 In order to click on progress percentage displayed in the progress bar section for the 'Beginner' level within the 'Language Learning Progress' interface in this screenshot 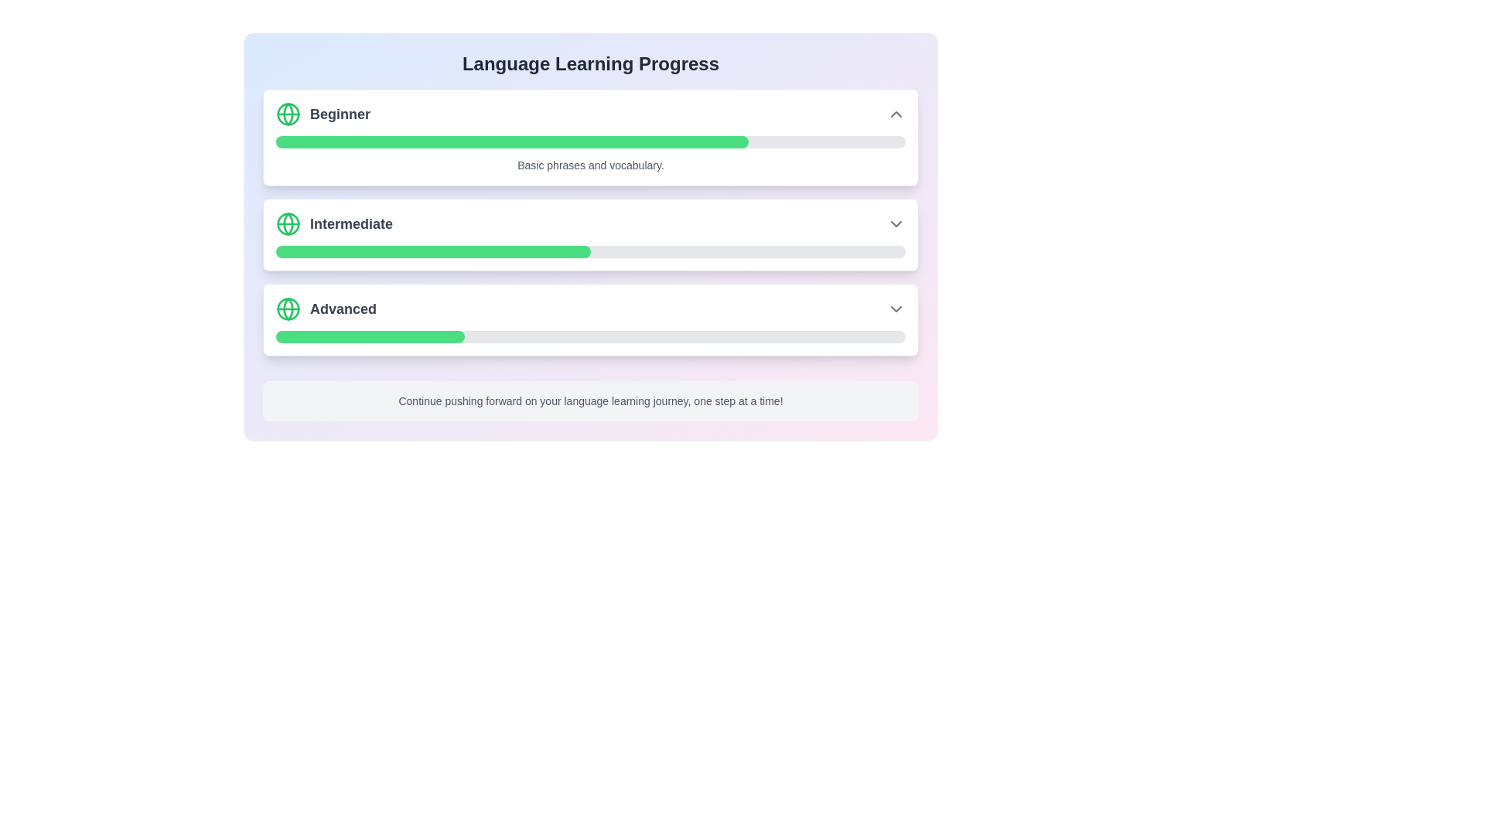, I will do `click(589, 136)`.